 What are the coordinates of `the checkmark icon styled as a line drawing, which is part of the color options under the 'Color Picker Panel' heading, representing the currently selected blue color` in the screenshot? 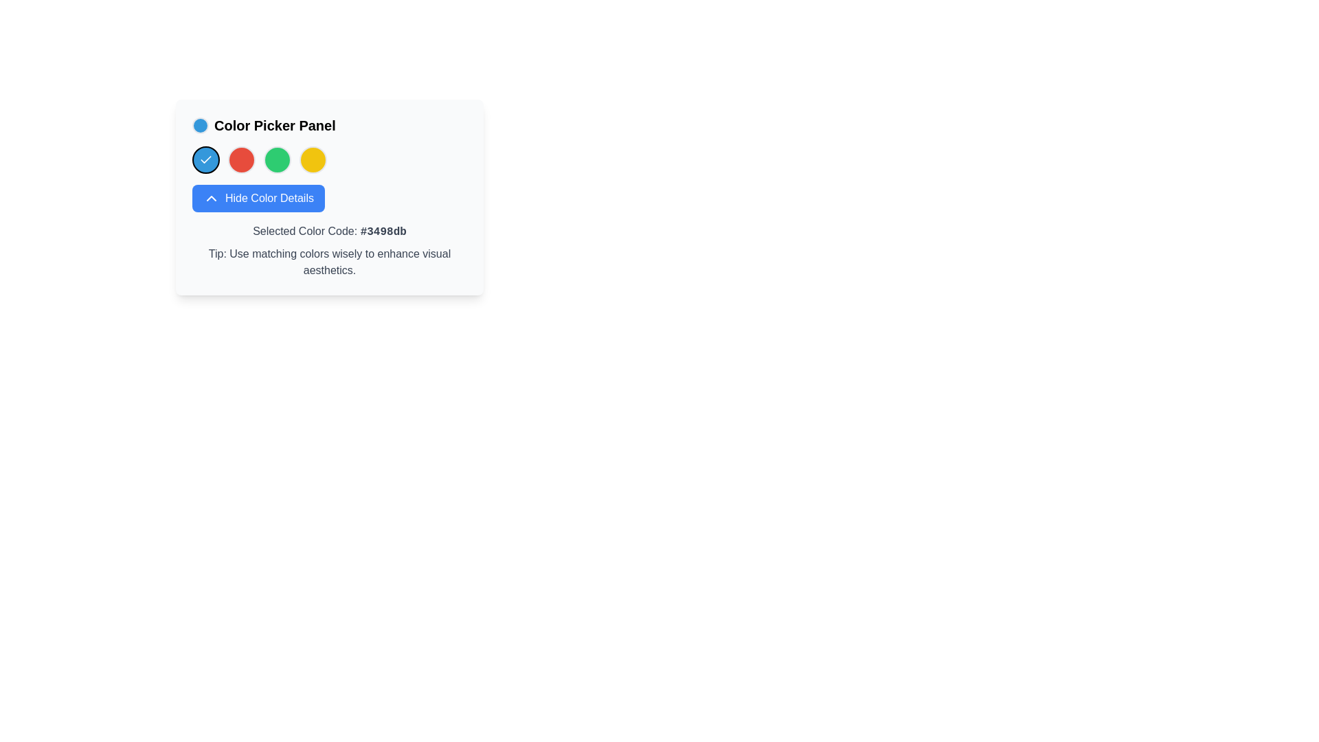 It's located at (205, 158).